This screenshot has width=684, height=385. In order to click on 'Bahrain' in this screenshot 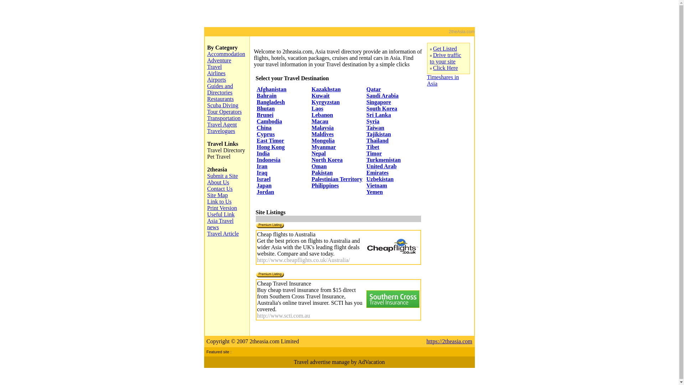, I will do `click(266, 95)`.